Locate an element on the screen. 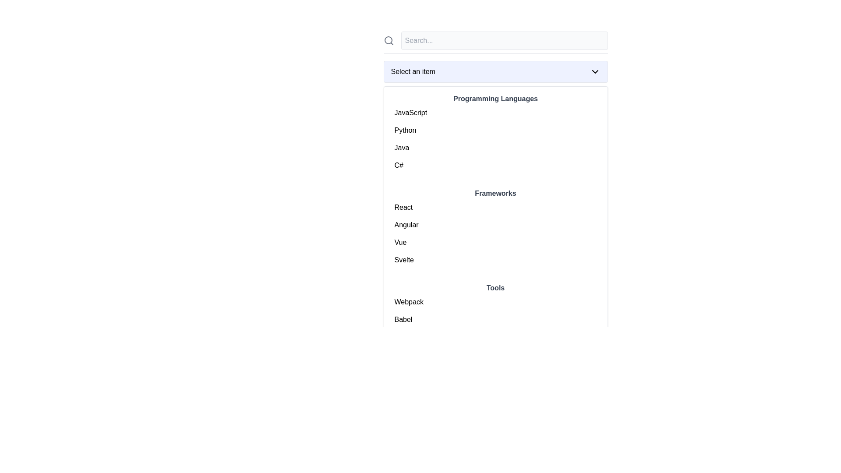  the programming languages list is located at coordinates (495, 138).